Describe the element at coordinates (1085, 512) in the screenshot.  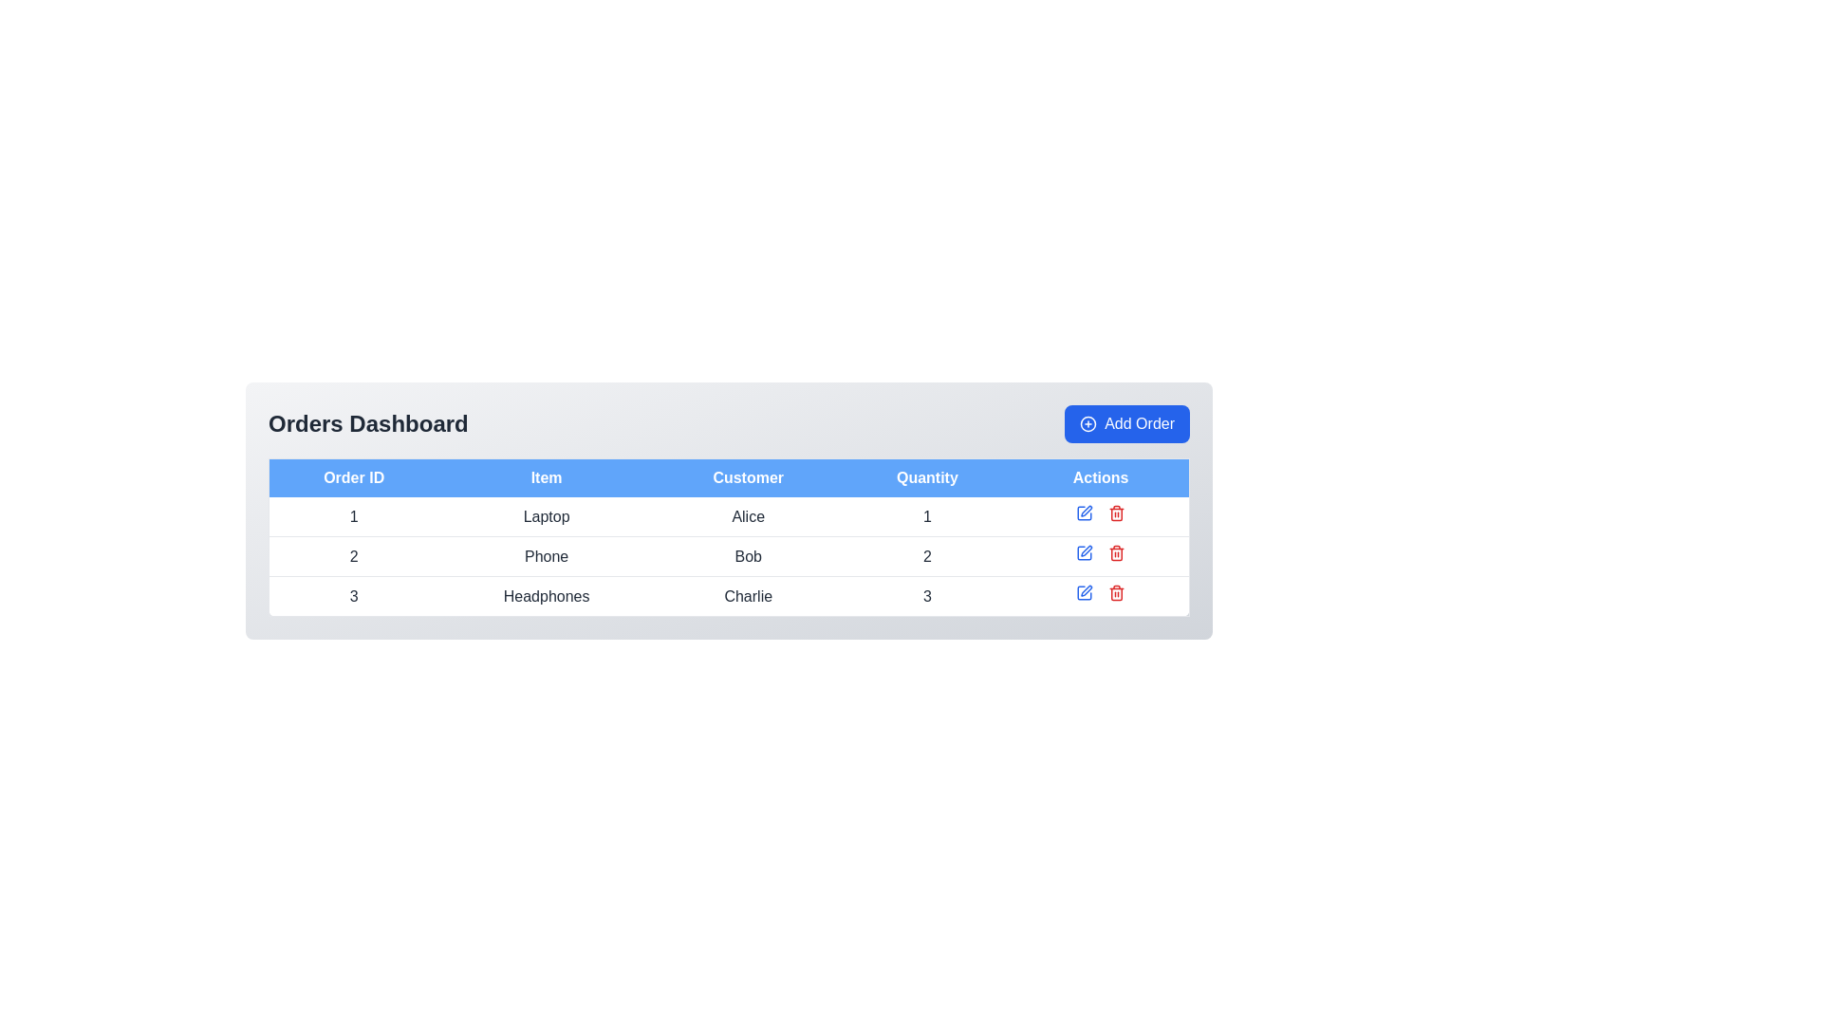
I see `the edit icon button located in the 'Actions' column of the first row of the table` at that location.